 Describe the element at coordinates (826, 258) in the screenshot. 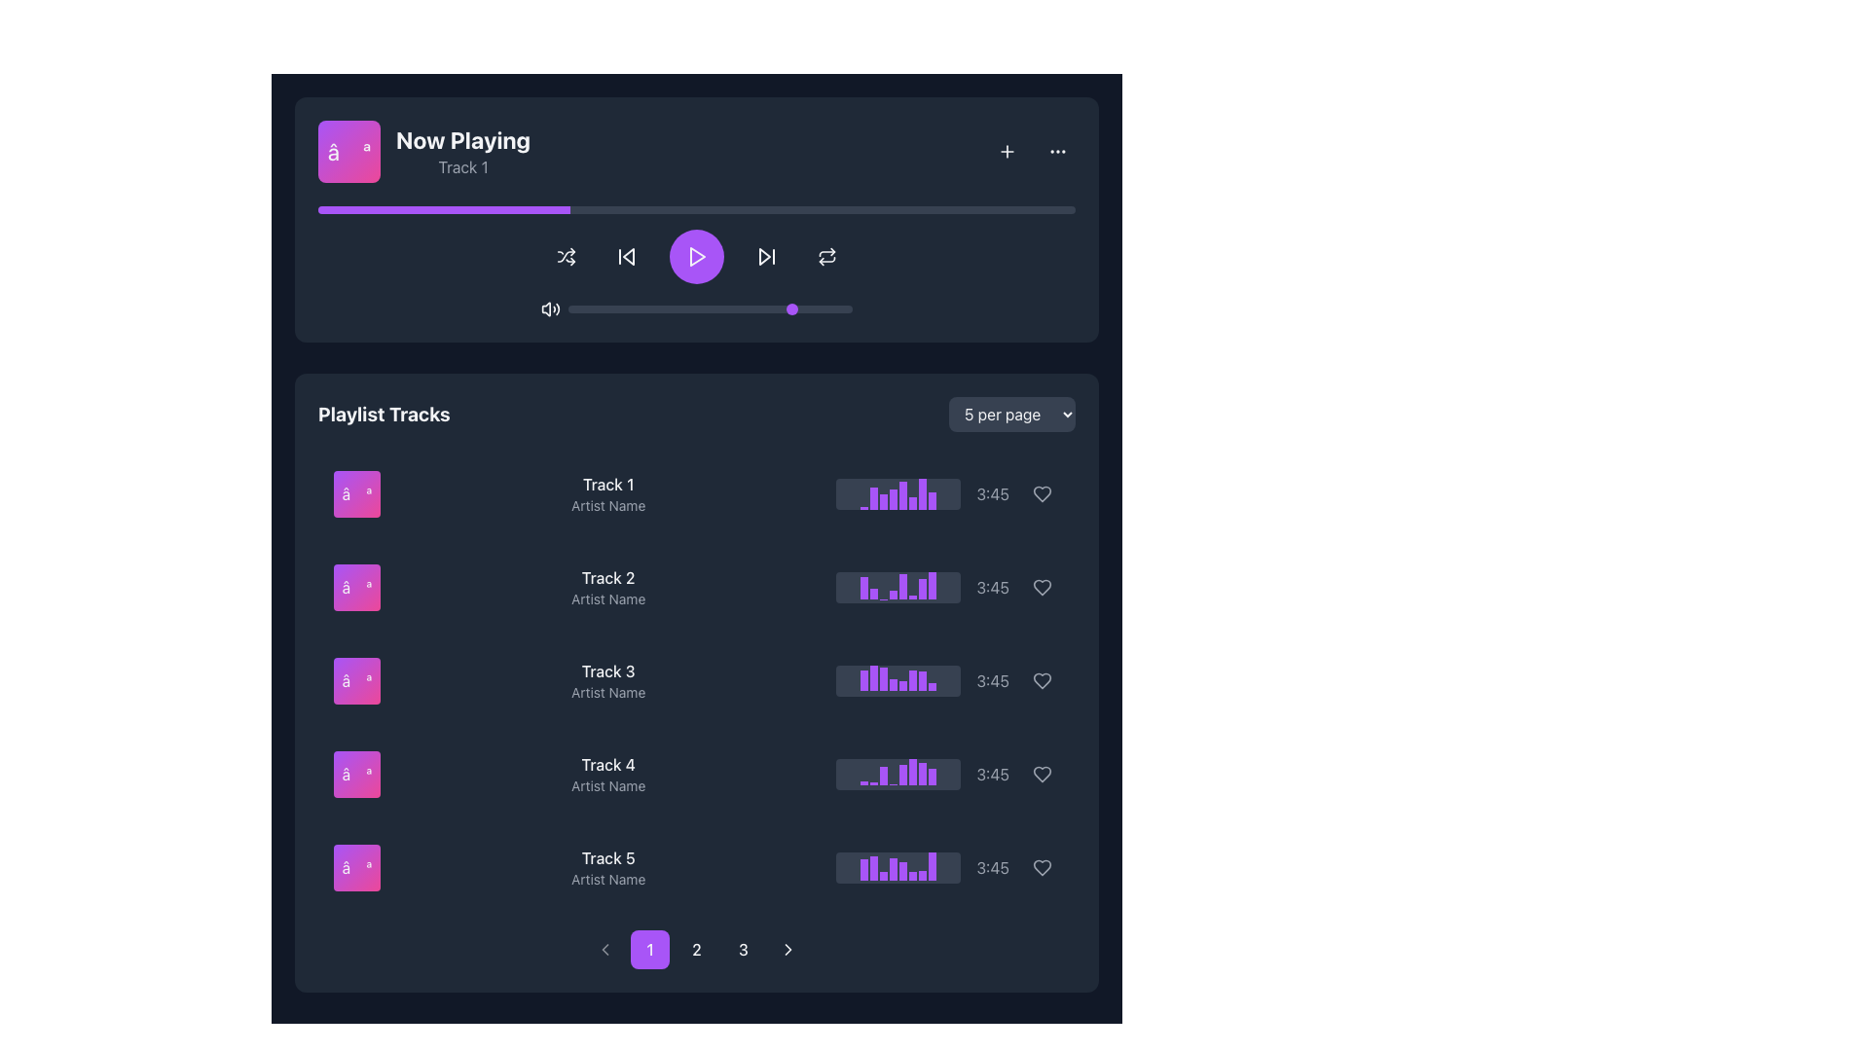

I see `the bottom half of the repeat arrow icon, which is located in the bottom right among the four paths inside its boundary` at that location.